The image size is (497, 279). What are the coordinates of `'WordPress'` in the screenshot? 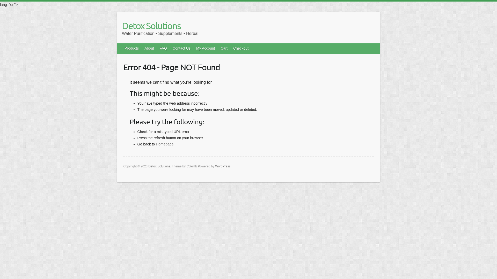 It's located at (223, 166).